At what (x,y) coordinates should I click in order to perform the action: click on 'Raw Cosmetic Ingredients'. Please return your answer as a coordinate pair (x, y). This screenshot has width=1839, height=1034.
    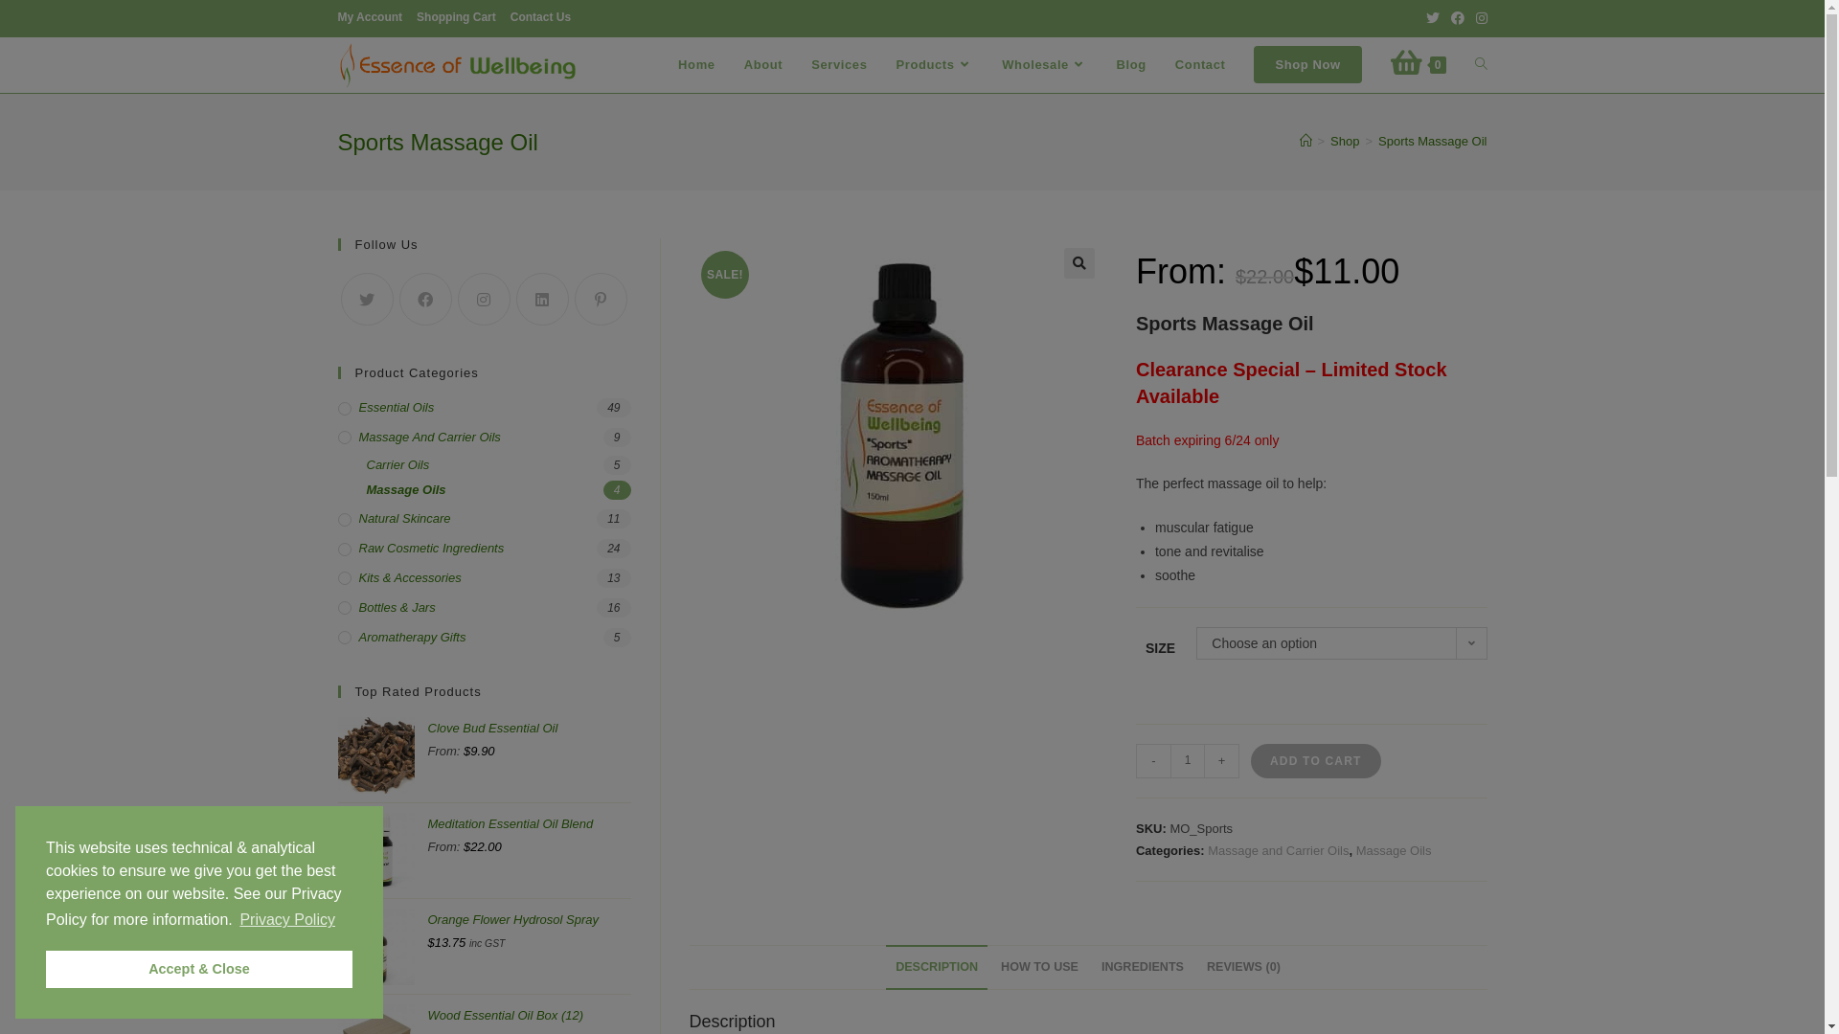
    Looking at the image, I should click on (483, 549).